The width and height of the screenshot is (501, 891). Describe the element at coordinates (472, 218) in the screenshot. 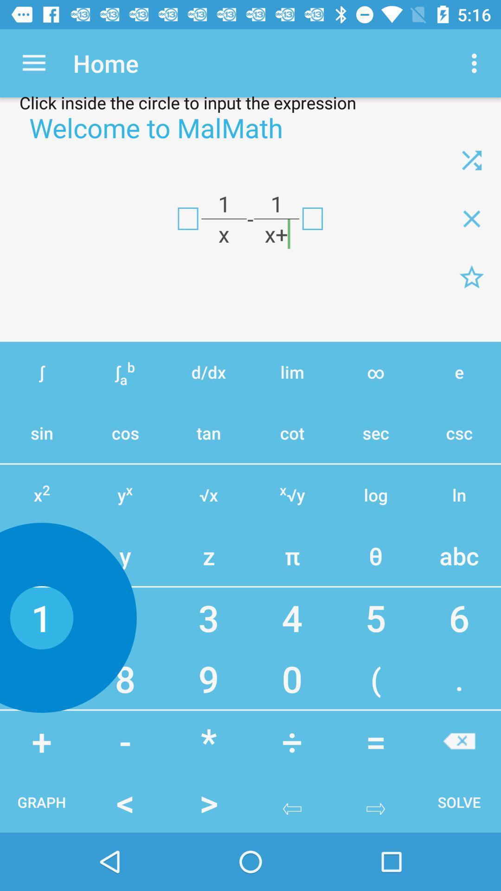

I see `delete` at that location.